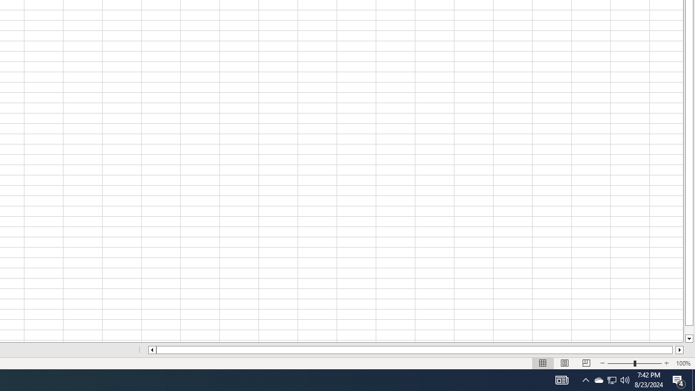 The width and height of the screenshot is (695, 391). I want to click on 'Column left', so click(151, 350).